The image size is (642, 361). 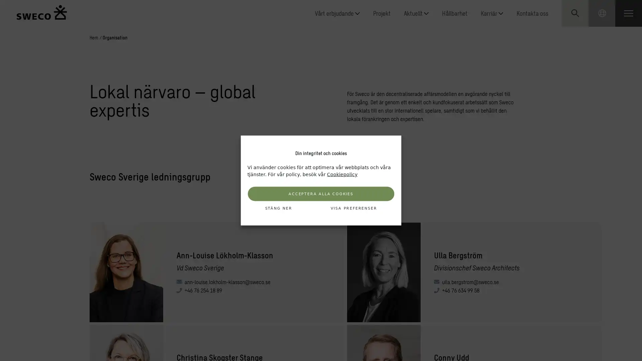 What do you see at coordinates (587, 74) in the screenshot?
I see `Submit search` at bounding box center [587, 74].